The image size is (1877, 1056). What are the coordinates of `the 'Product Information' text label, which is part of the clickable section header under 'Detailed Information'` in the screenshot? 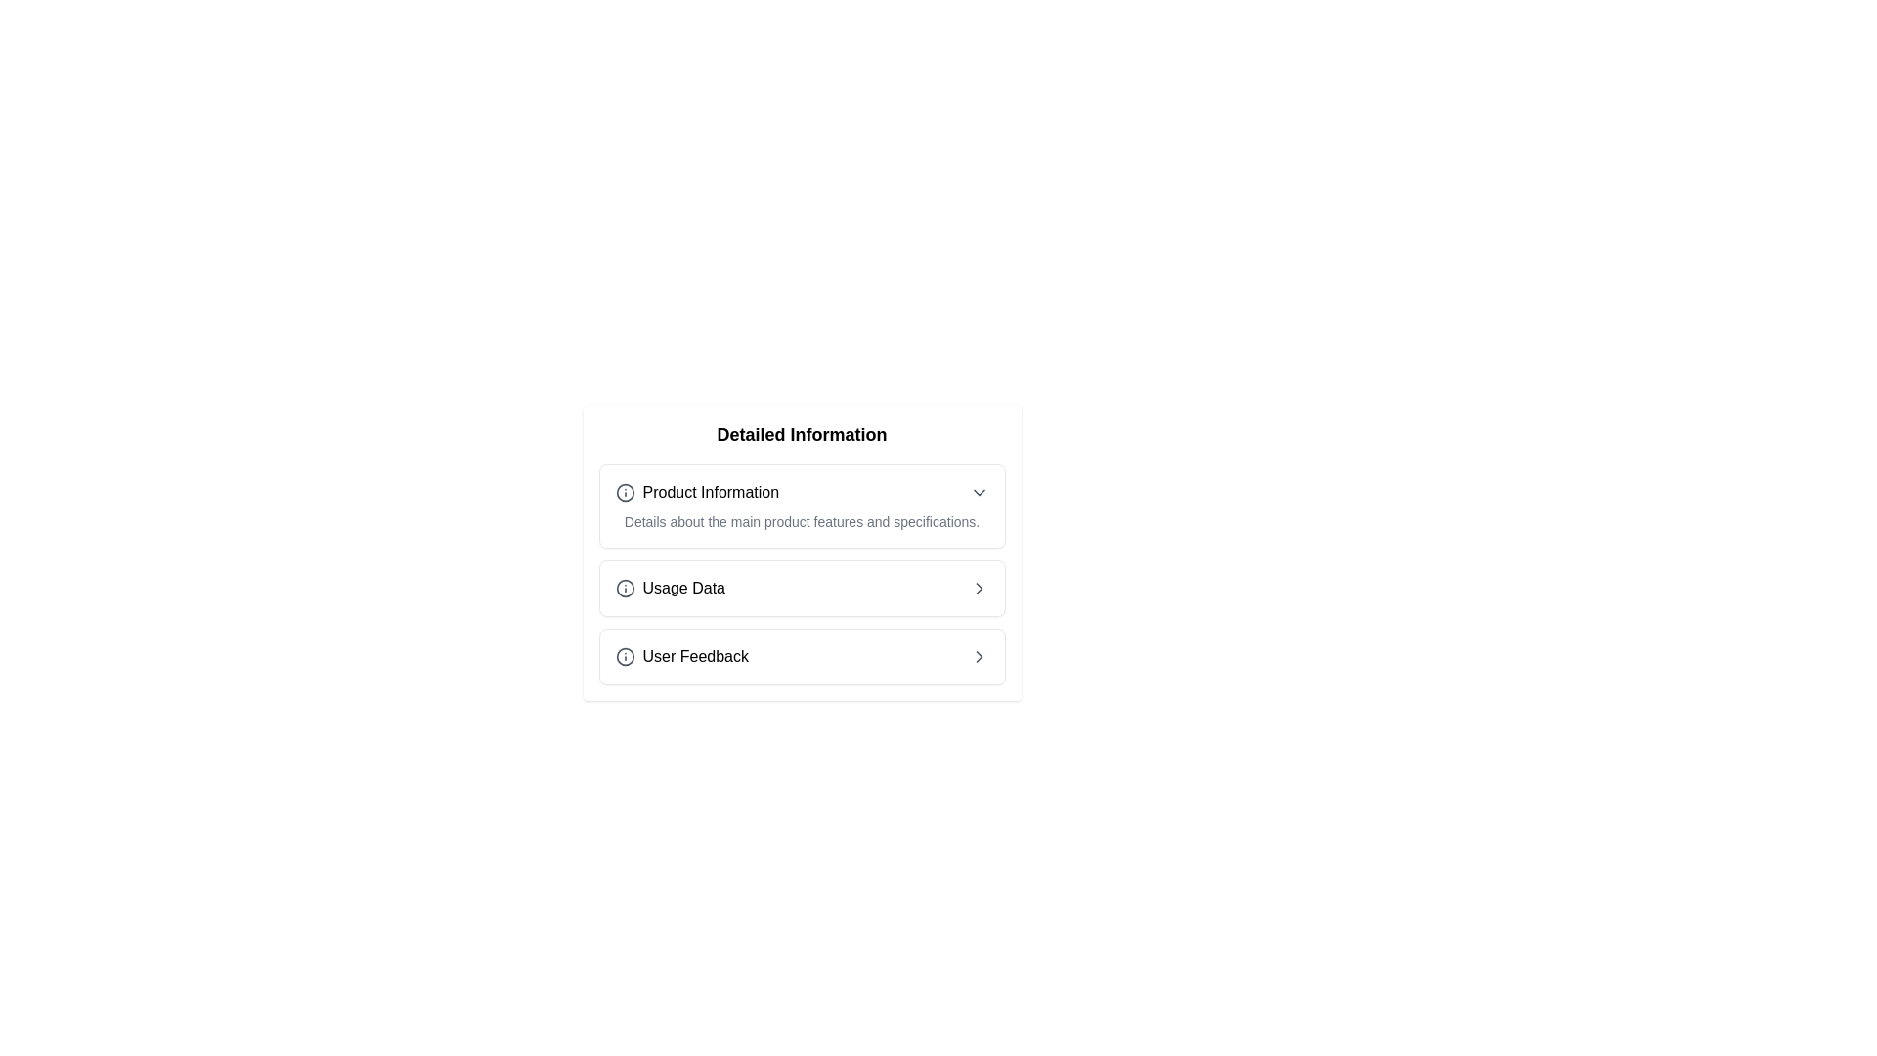 It's located at (710, 492).